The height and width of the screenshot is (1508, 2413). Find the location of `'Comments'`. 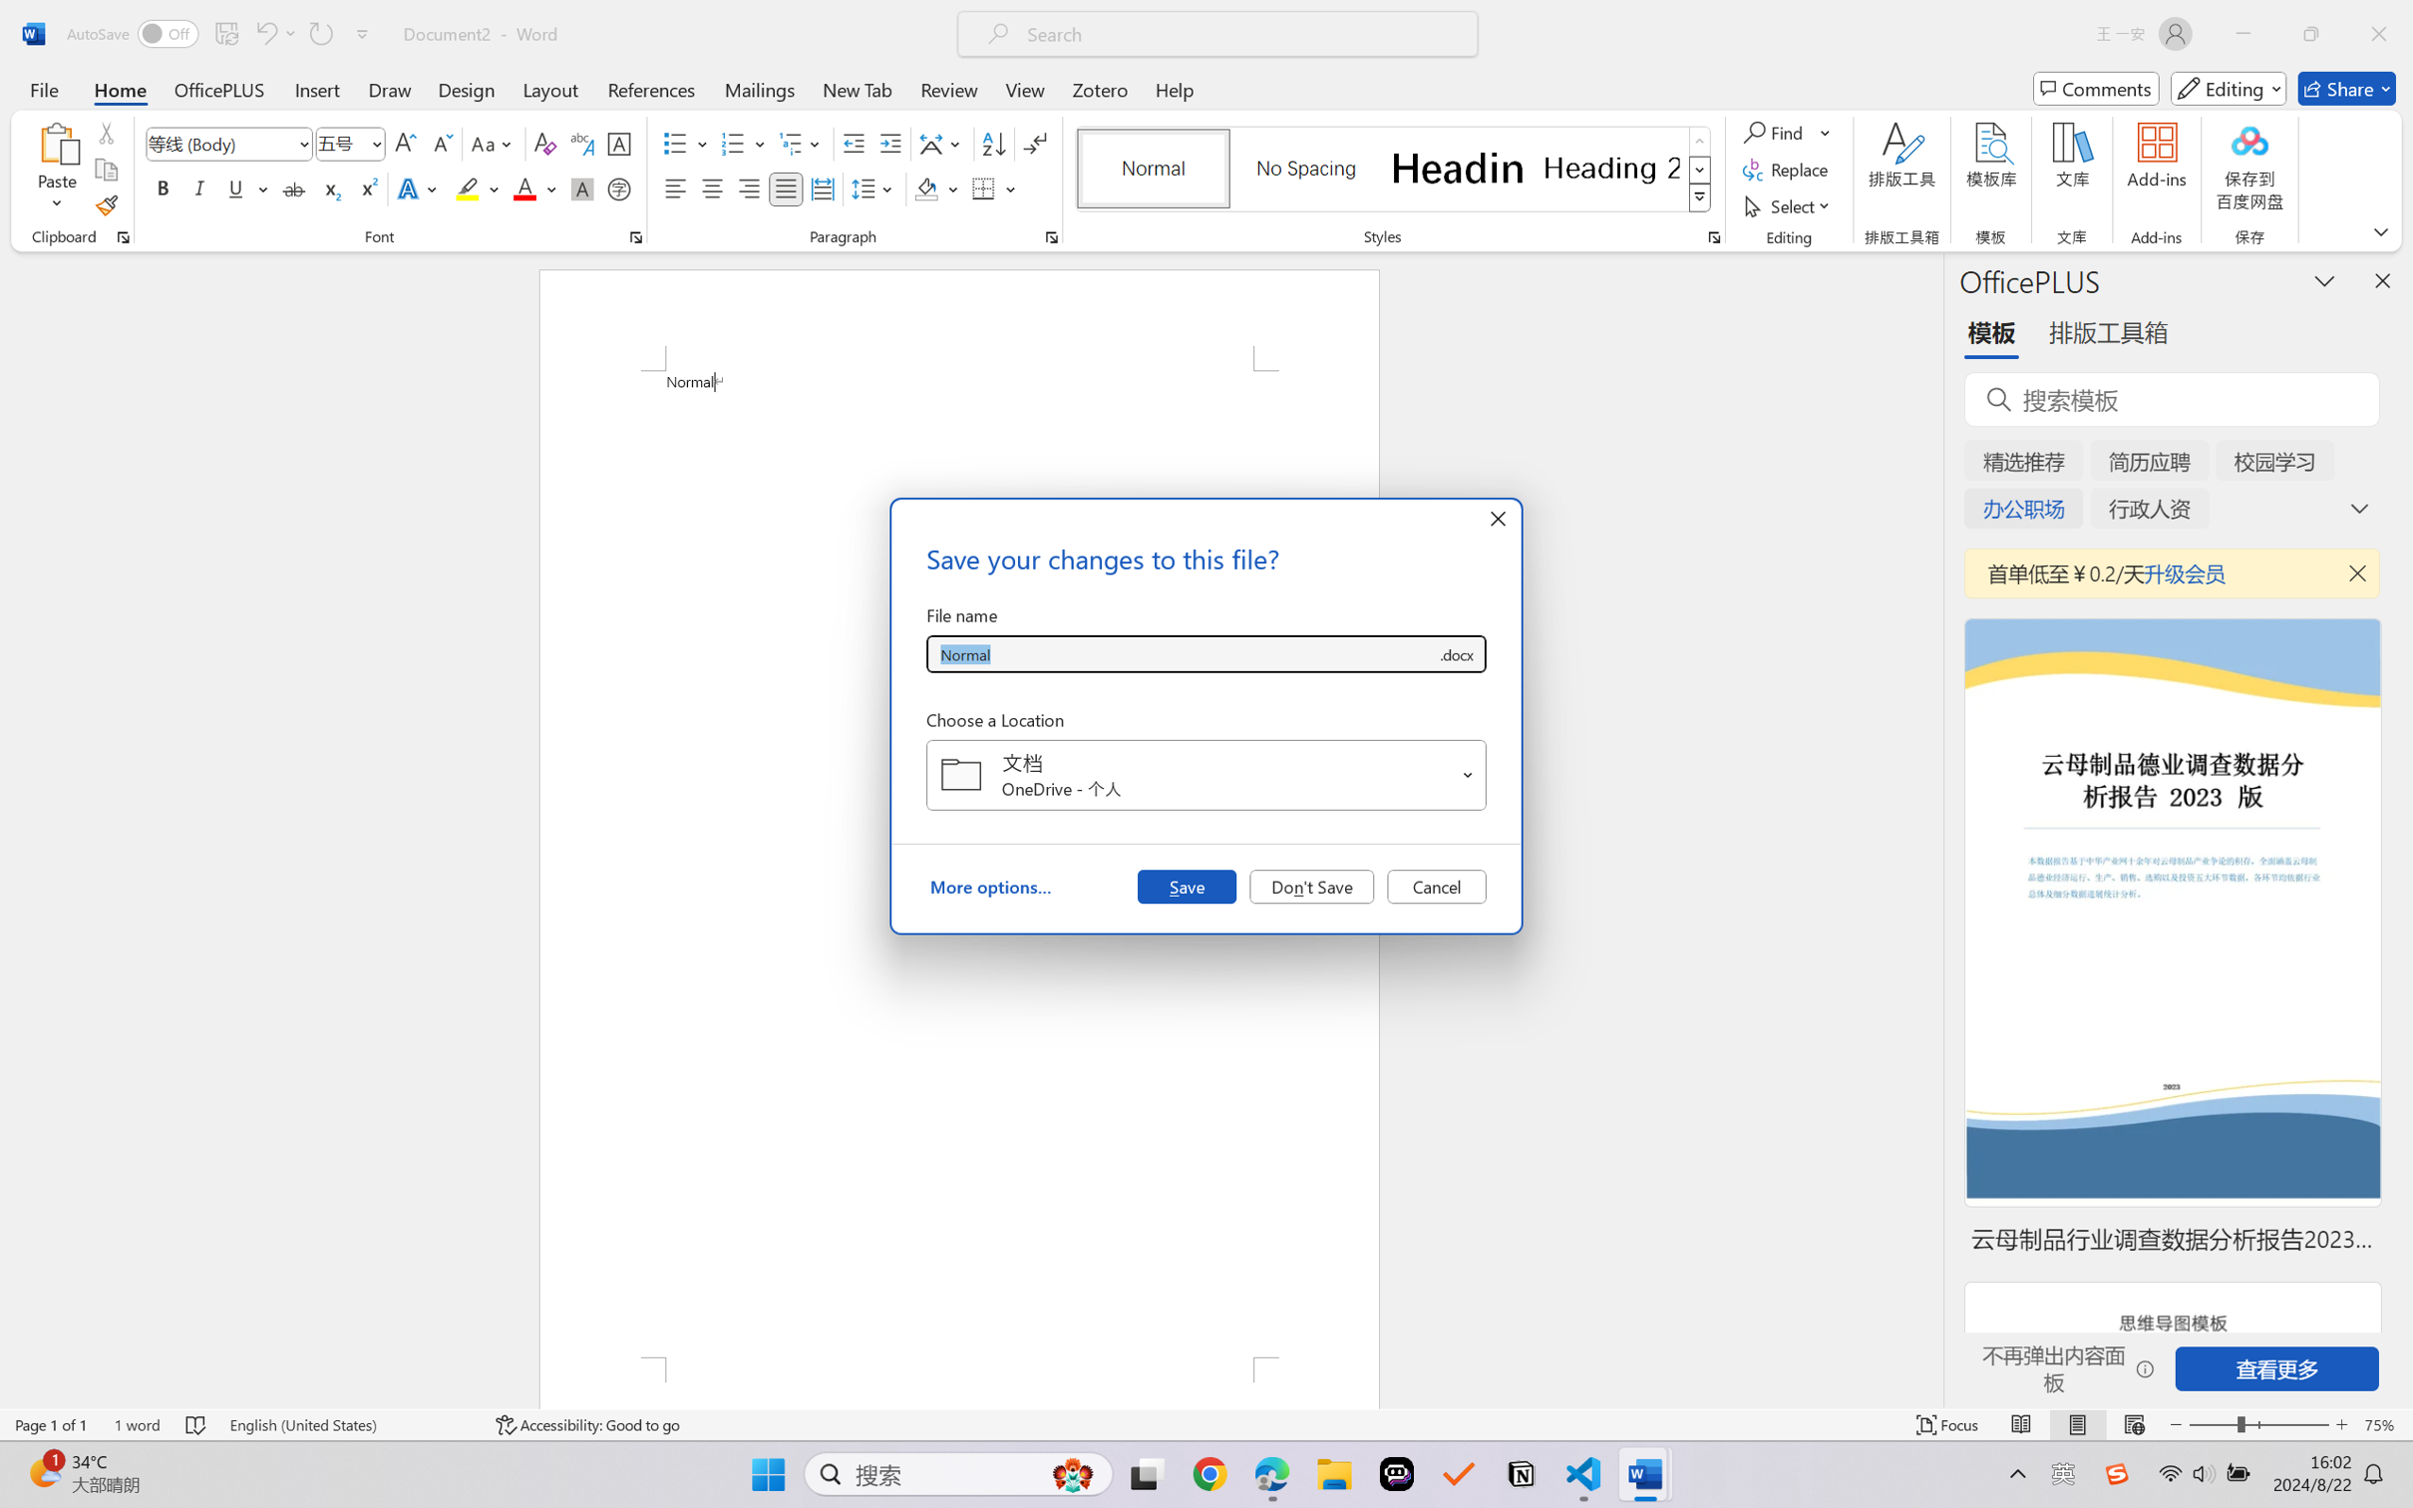

'Comments' is located at coordinates (2096, 88).